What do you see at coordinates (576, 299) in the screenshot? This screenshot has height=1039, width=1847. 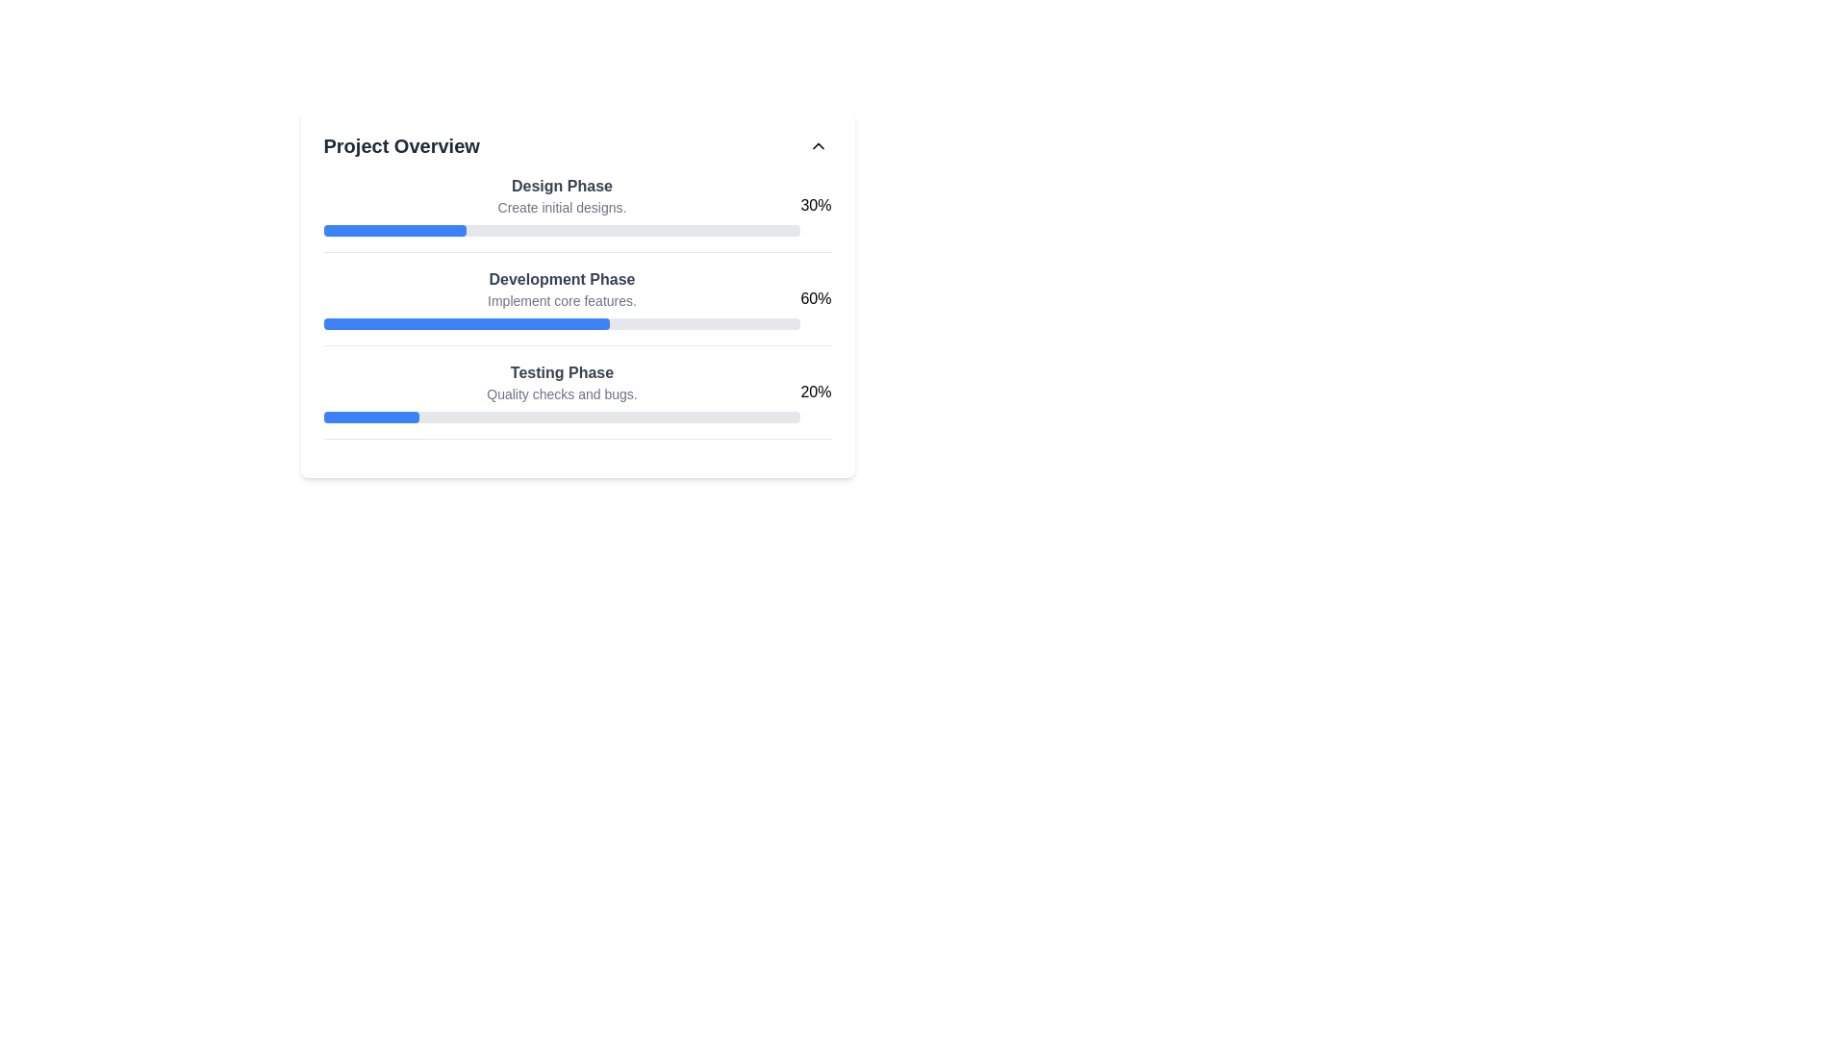 I see `the progress bar of the Composite component displaying task progress status, which includes the header 'Development Phase' and the subtitle 'Implement core features.'` at bounding box center [576, 299].